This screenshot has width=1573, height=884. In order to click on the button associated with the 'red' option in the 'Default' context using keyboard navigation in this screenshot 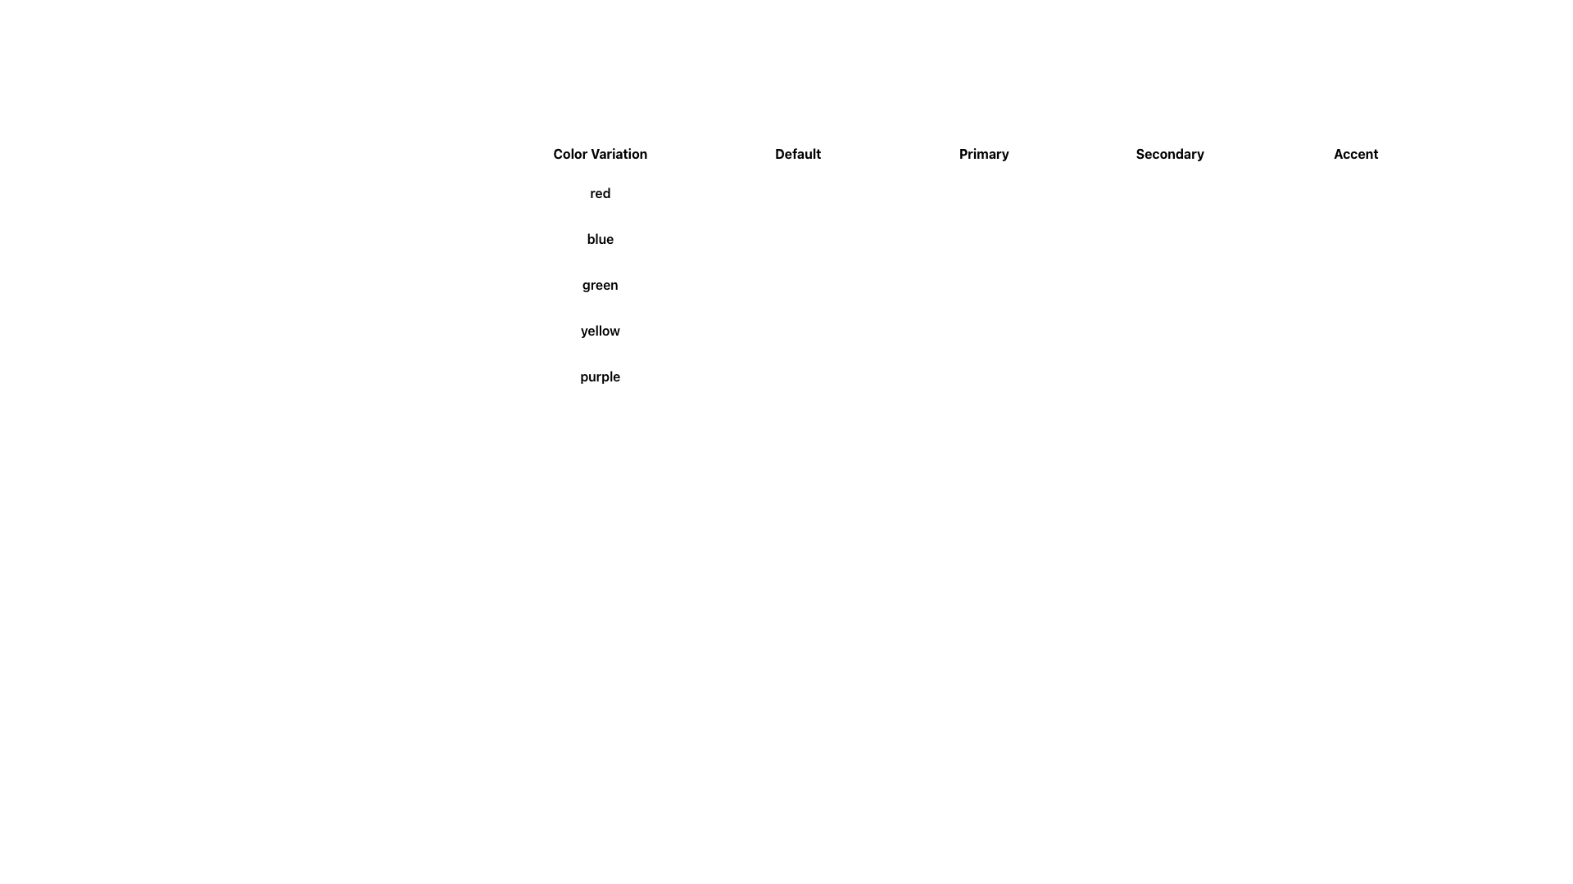, I will do `click(748, 192)`.